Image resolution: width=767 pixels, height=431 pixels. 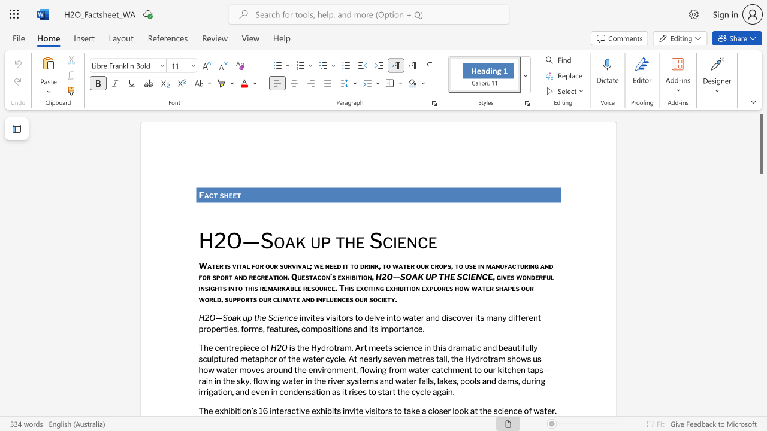 I want to click on the scrollbar to move the page downward, so click(x=760, y=190).